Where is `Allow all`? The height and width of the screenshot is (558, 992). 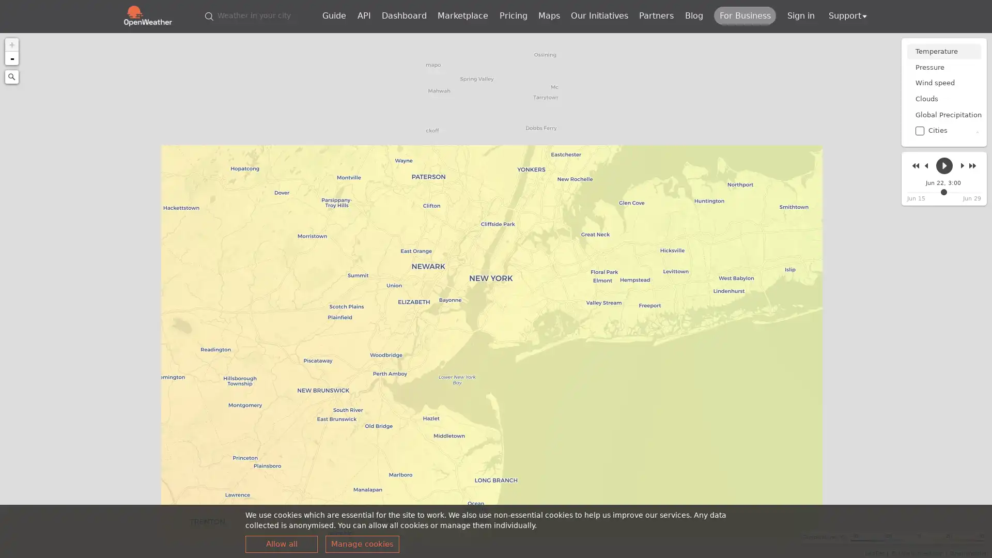
Allow all is located at coordinates (282, 544).